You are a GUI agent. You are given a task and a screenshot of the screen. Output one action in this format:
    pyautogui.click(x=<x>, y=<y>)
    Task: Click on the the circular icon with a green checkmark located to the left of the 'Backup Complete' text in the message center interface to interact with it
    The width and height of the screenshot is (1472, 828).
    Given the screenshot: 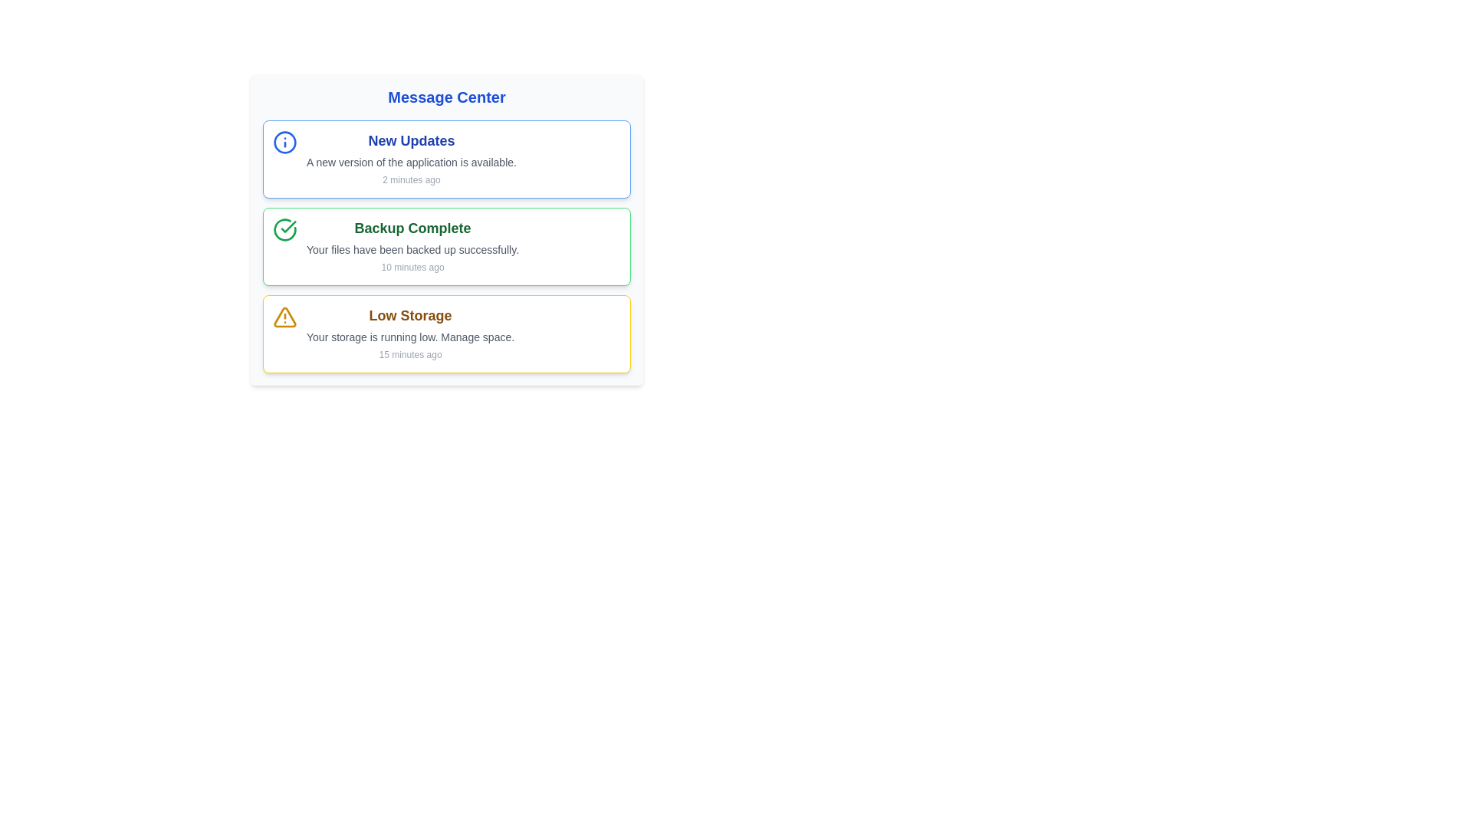 What is the action you would take?
    pyautogui.click(x=285, y=230)
    